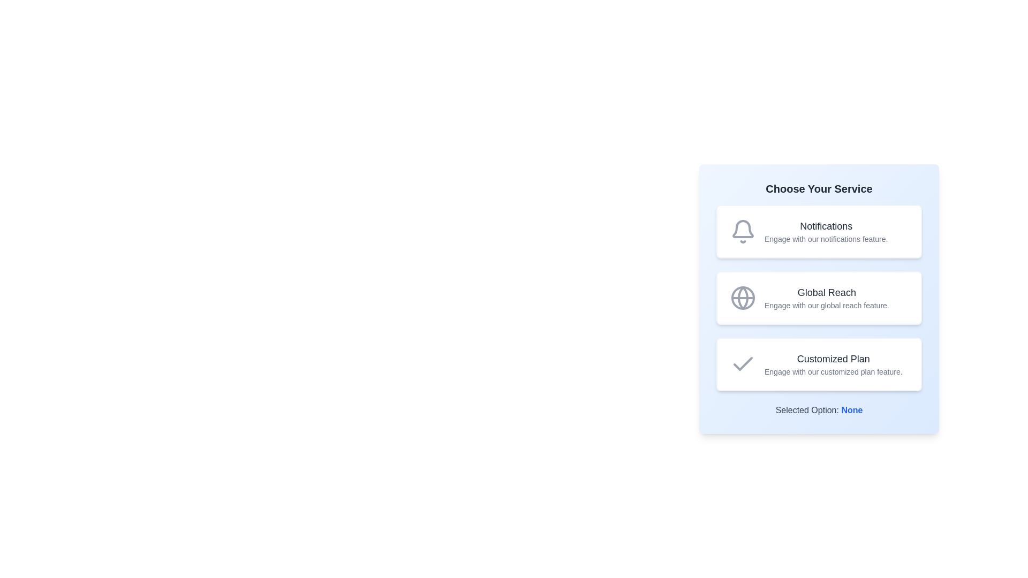 Image resolution: width=1028 pixels, height=578 pixels. What do you see at coordinates (833, 359) in the screenshot?
I see `the label that presents the title of an option for user selection, located within the third option group under 'Choose Your Service', centered above the description text 'Engage with our customized plan feature'` at bounding box center [833, 359].